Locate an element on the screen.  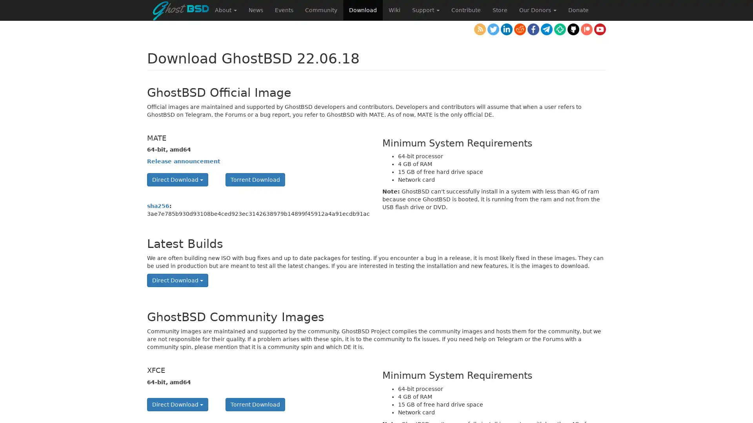
Direct Download is located at coordinates (177, 180).